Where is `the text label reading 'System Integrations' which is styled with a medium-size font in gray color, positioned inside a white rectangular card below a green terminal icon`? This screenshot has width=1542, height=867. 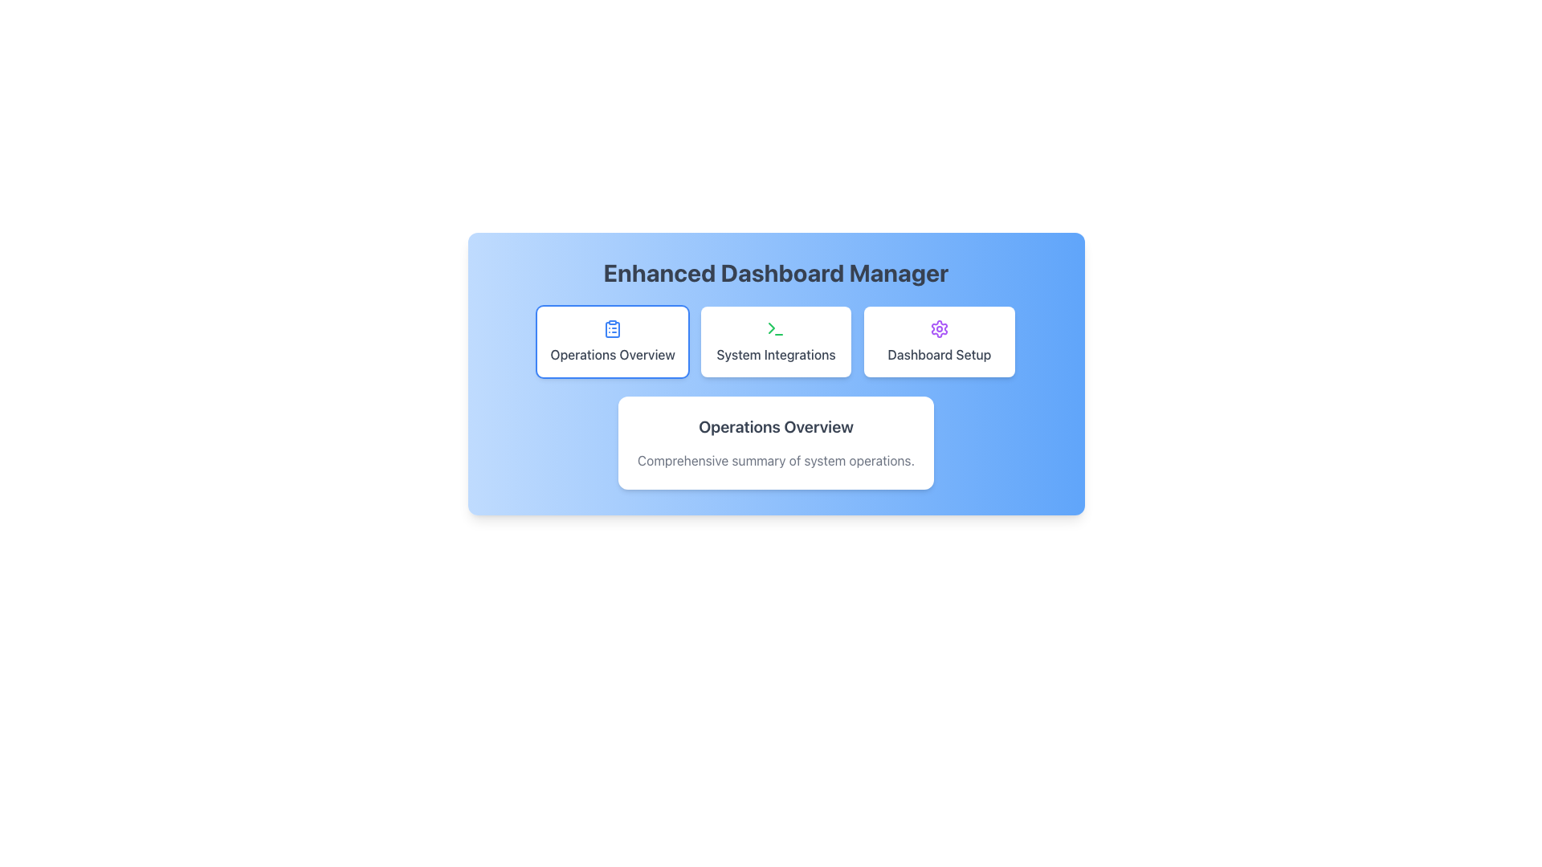
the text label reading 'System Integrations' which is styled with a medium-size font in gray color, positioned inside a white rectangular card below a green terminal icon is located at coordinates (776, 354).